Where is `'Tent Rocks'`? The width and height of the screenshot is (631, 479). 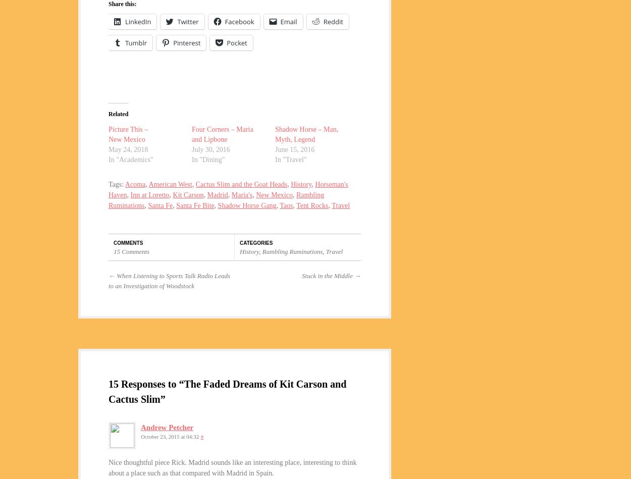
'Tent Rocks' is located at coordinates (311, 205).